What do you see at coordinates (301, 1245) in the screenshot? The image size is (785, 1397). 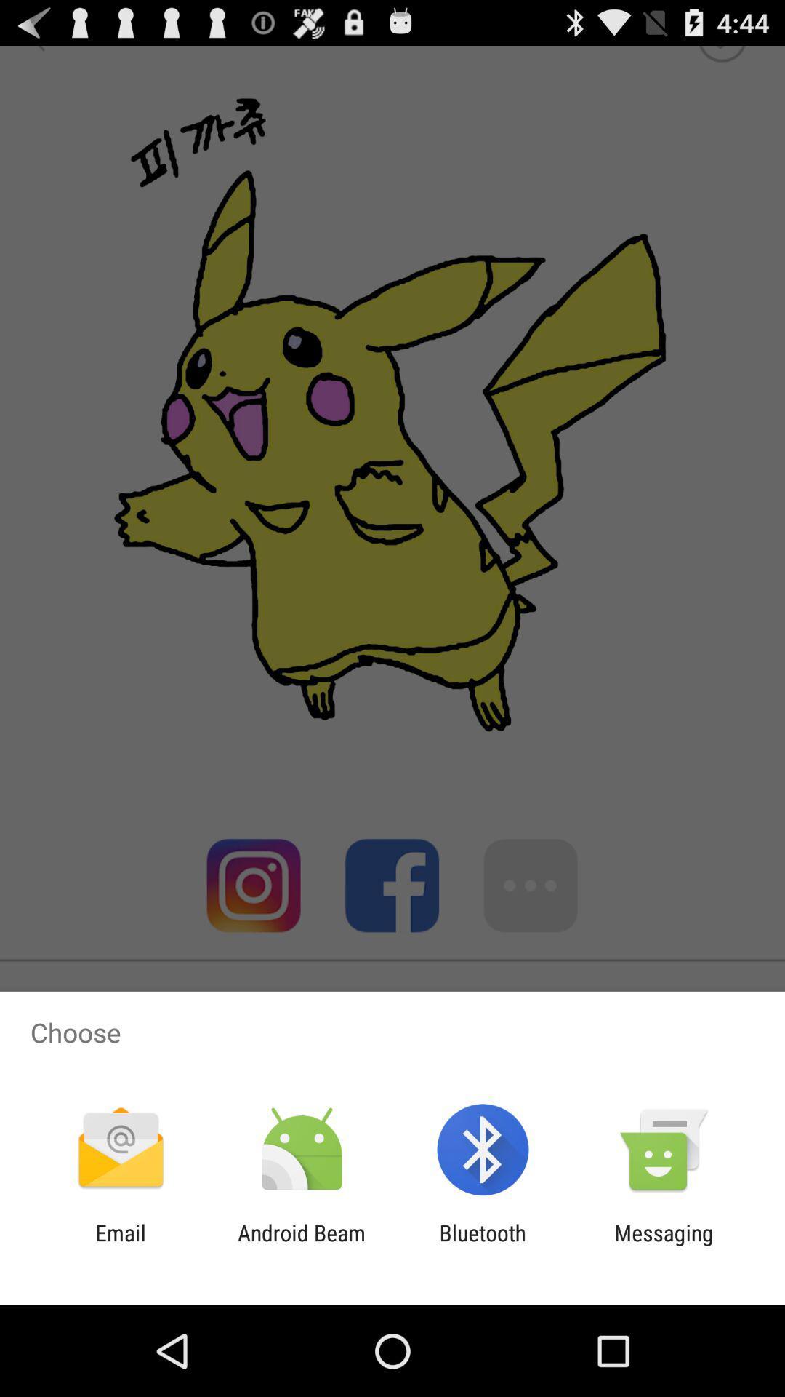 I see `the item to the left of the bluetooth` at bounding box center [301, 1245].